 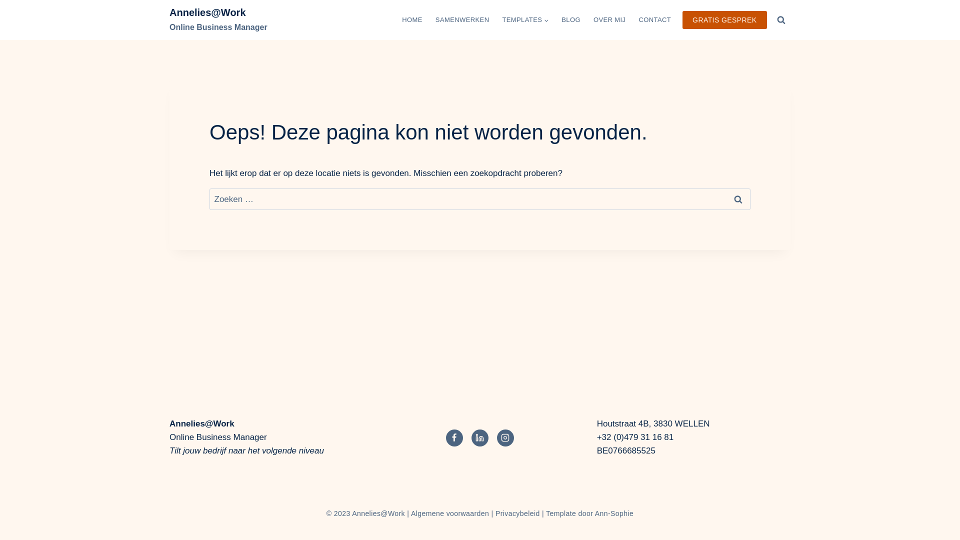 What do you see at coordinates (524, 19) in the screenshot?
I see `'TEMPLATES'` at bounding box center [524, 19].